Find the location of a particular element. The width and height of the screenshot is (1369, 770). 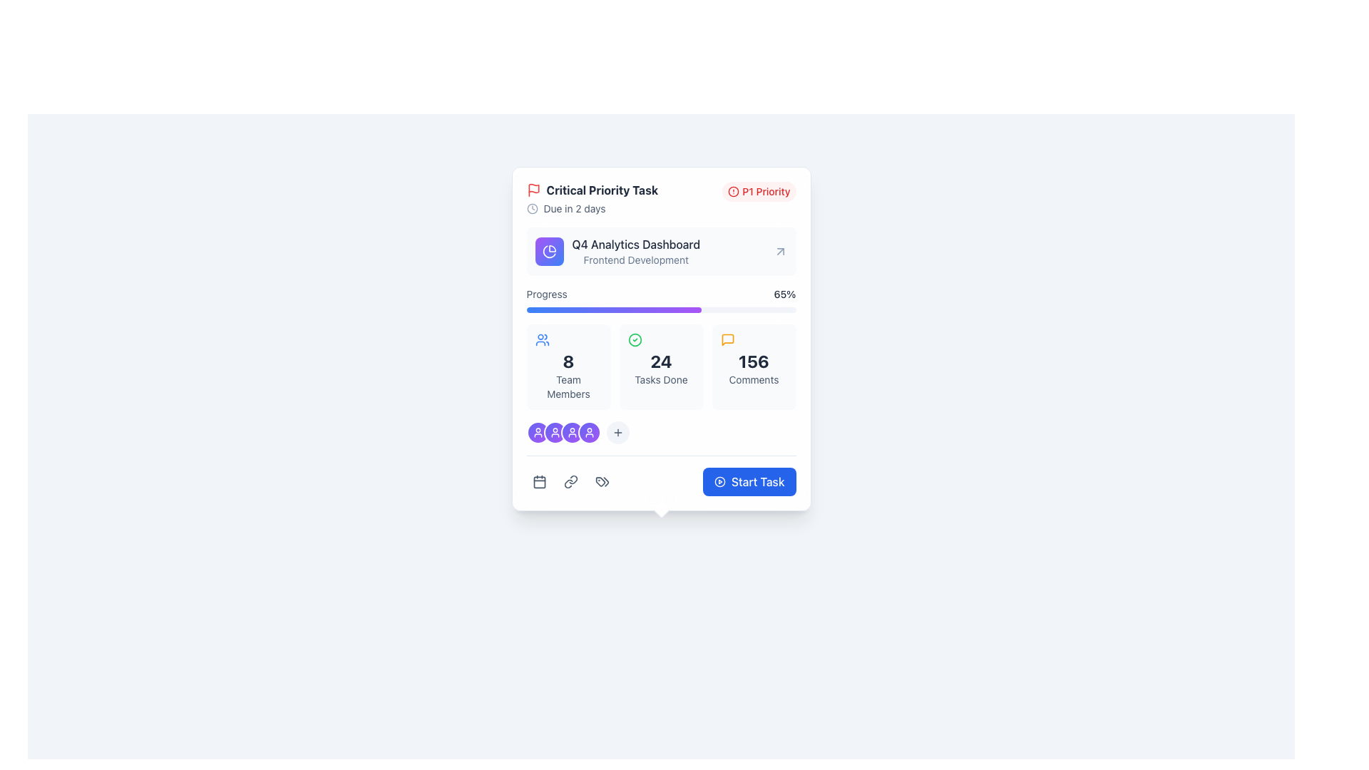

the 'play' icon located to the left of the 'Start Task' text within the 'Start Task' button at the bottom right corner of the card layout is located at coordinates (719, 481).